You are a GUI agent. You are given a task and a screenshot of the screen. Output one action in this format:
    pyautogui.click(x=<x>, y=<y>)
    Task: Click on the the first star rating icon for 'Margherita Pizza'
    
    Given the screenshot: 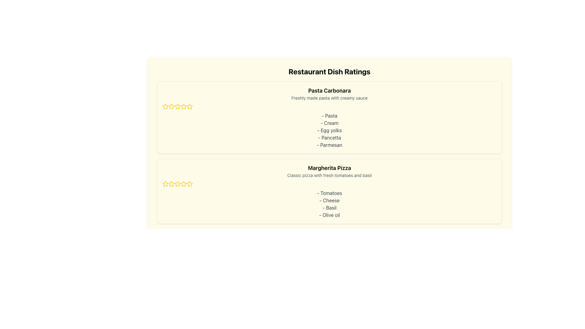 What is the action you would take?
    pyautogui.click(x=171, y=183)
    